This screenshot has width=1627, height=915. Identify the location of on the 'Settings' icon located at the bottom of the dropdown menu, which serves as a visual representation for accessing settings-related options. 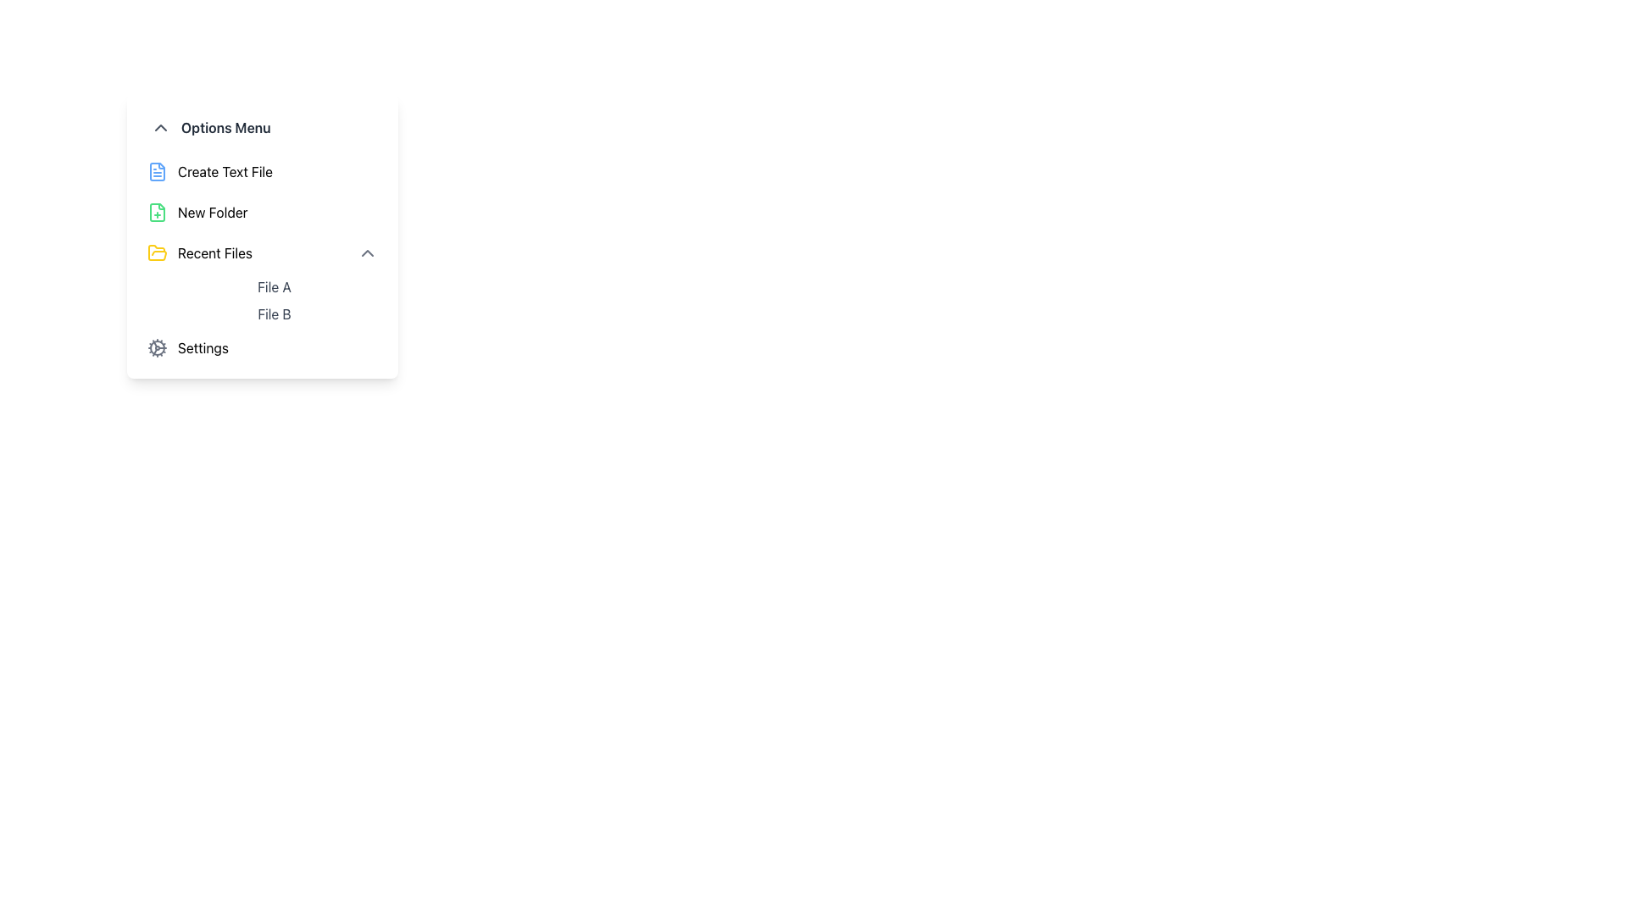
(158, 347).